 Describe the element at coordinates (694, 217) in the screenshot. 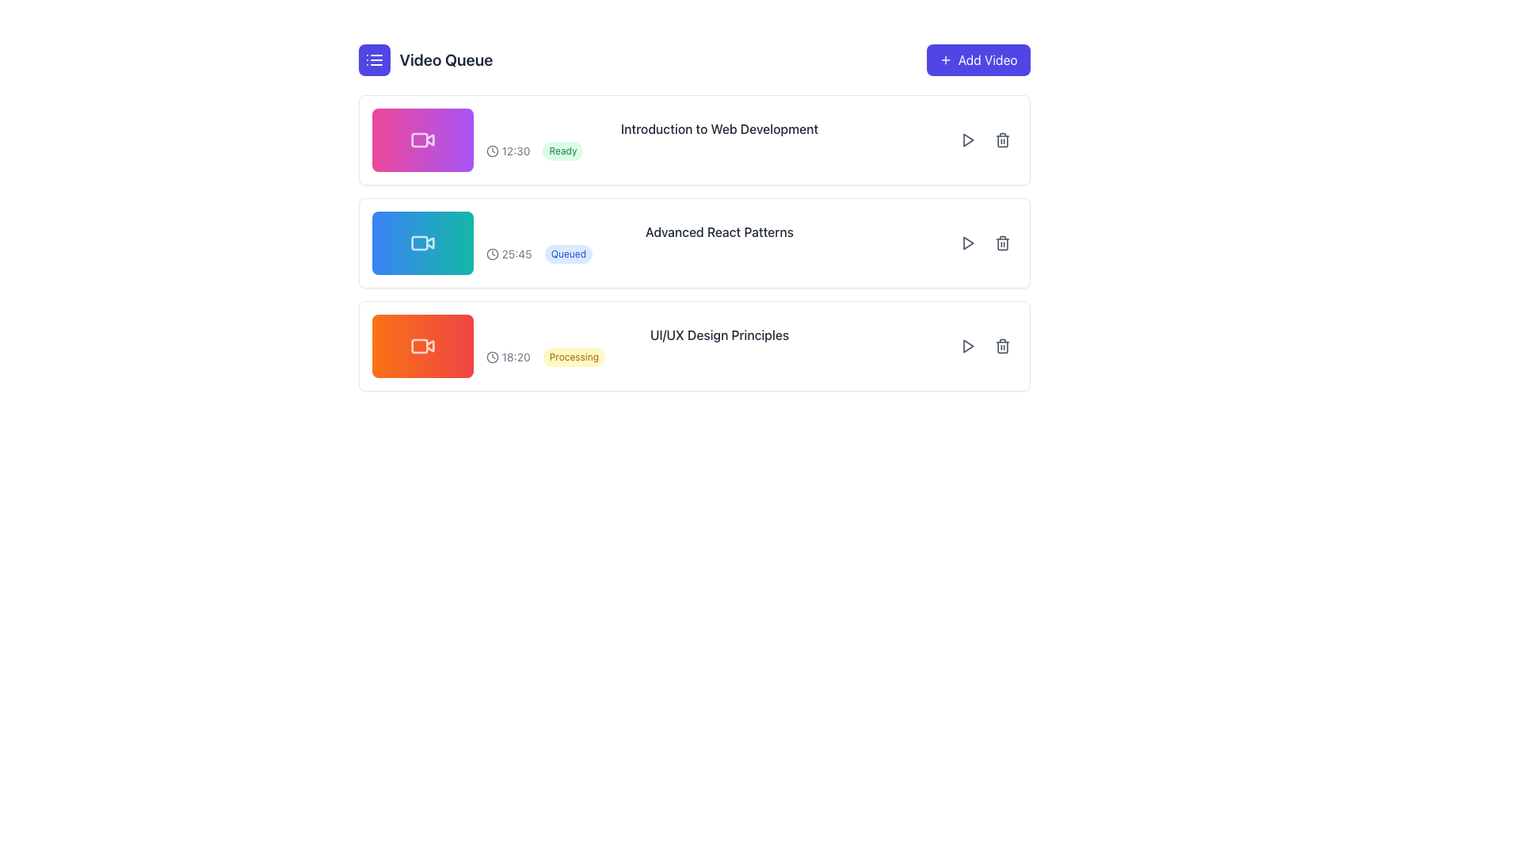

I see `the List item row that represents information about a specific video in the video queue list, positioned between 'Introduction to Web Development' and 'UI/UX Design Principles'` at that location.